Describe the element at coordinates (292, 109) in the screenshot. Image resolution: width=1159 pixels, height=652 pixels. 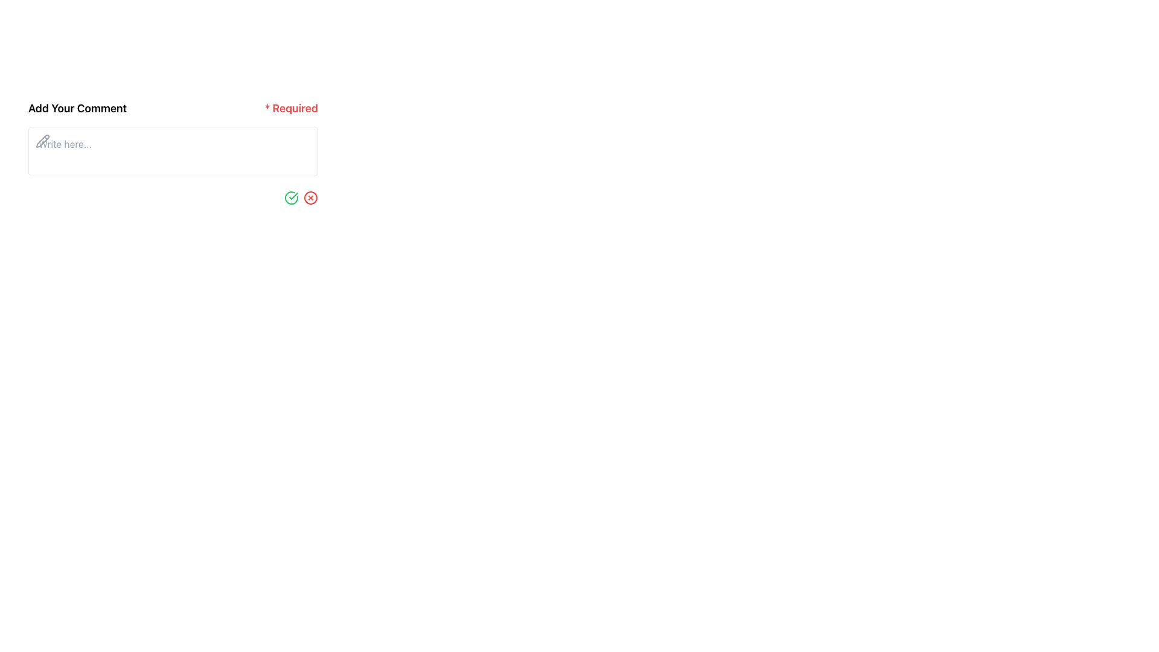
I see `the mandatory indication text label located to the right of the 'Add Your Comment' text in the header section of the input field` at that location.